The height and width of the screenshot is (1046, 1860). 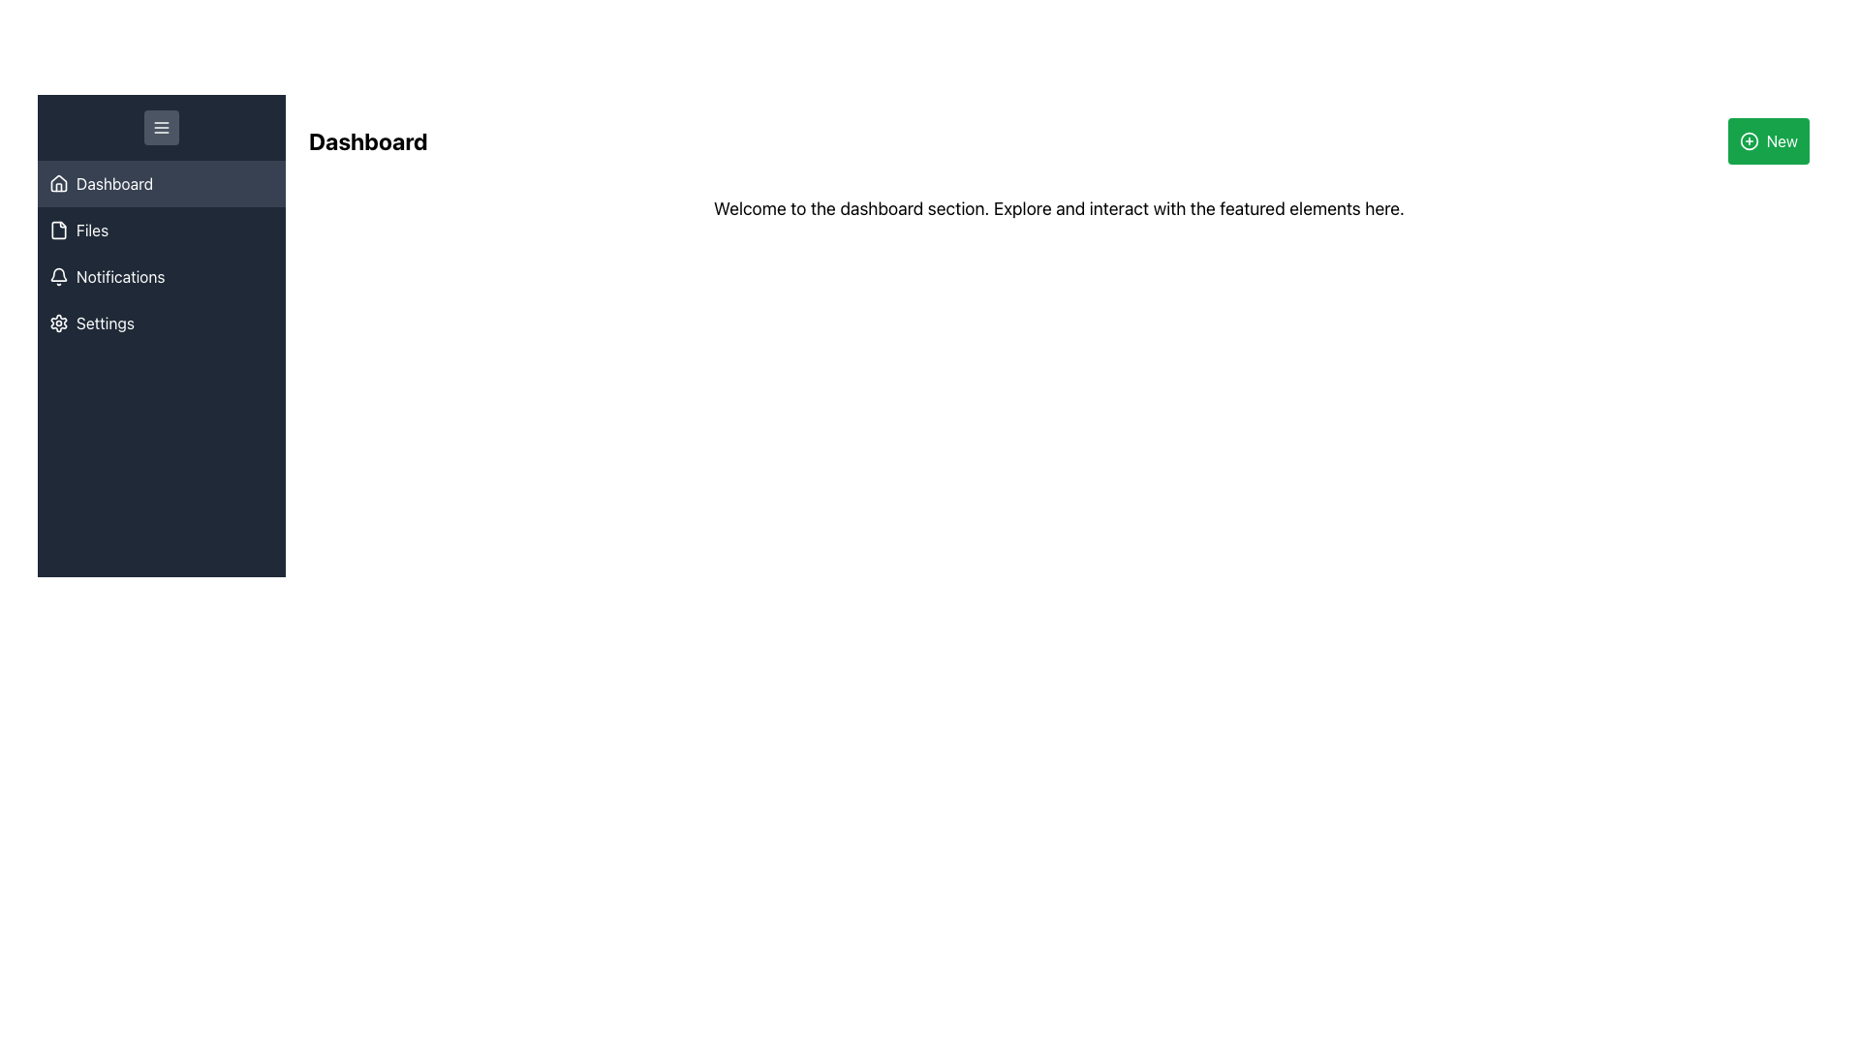 What do you see at coordinates (59, 323) in the screenshot?
I see `the cogwheel icon located in the sidebar menu, which symbolizes the settings or customization functionality within the application` at bounding box center [59, 323].